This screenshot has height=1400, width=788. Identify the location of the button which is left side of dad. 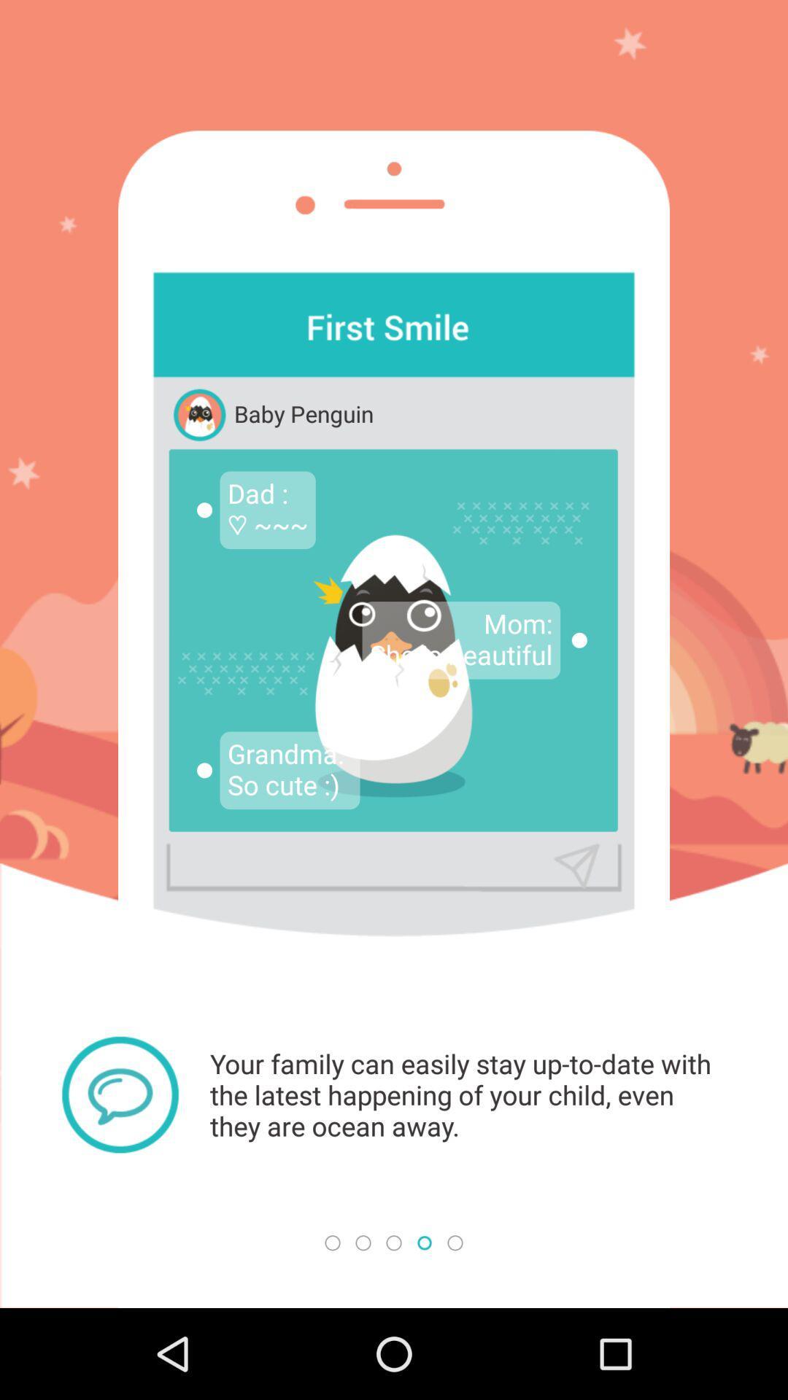
(204, 510).